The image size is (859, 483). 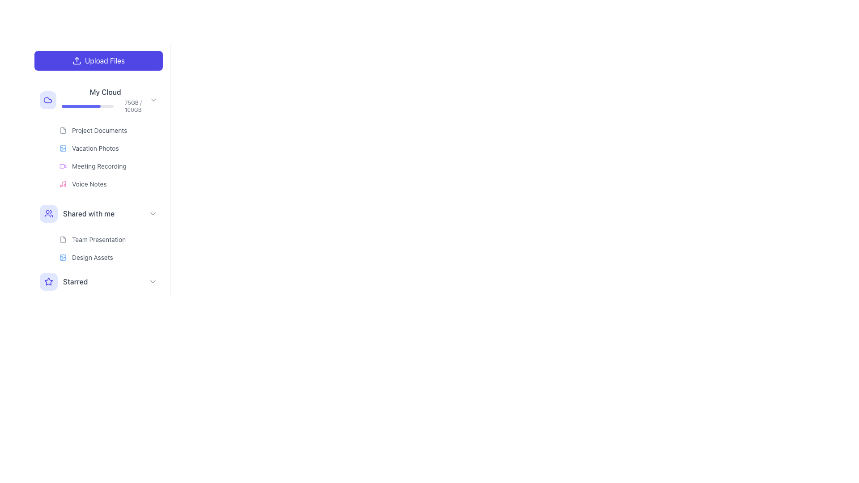 I want to click on the 'Vacation Photos' text label, which is styled in a small gray font and located next to a blue-colored image icon in the 'My Cloud' section, so click(x=89, y=148).